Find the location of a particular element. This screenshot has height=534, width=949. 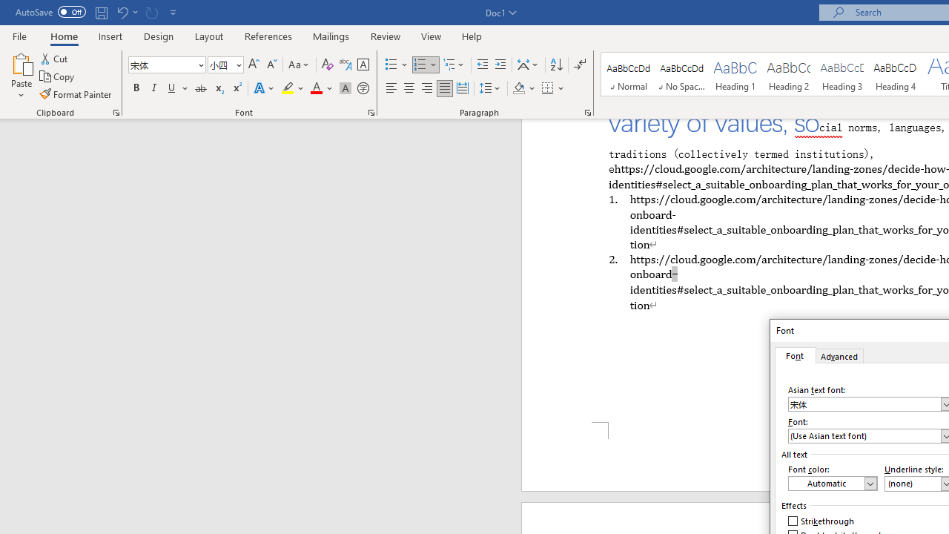

'Enclose Characters...' is located at coordinates (363, 88).